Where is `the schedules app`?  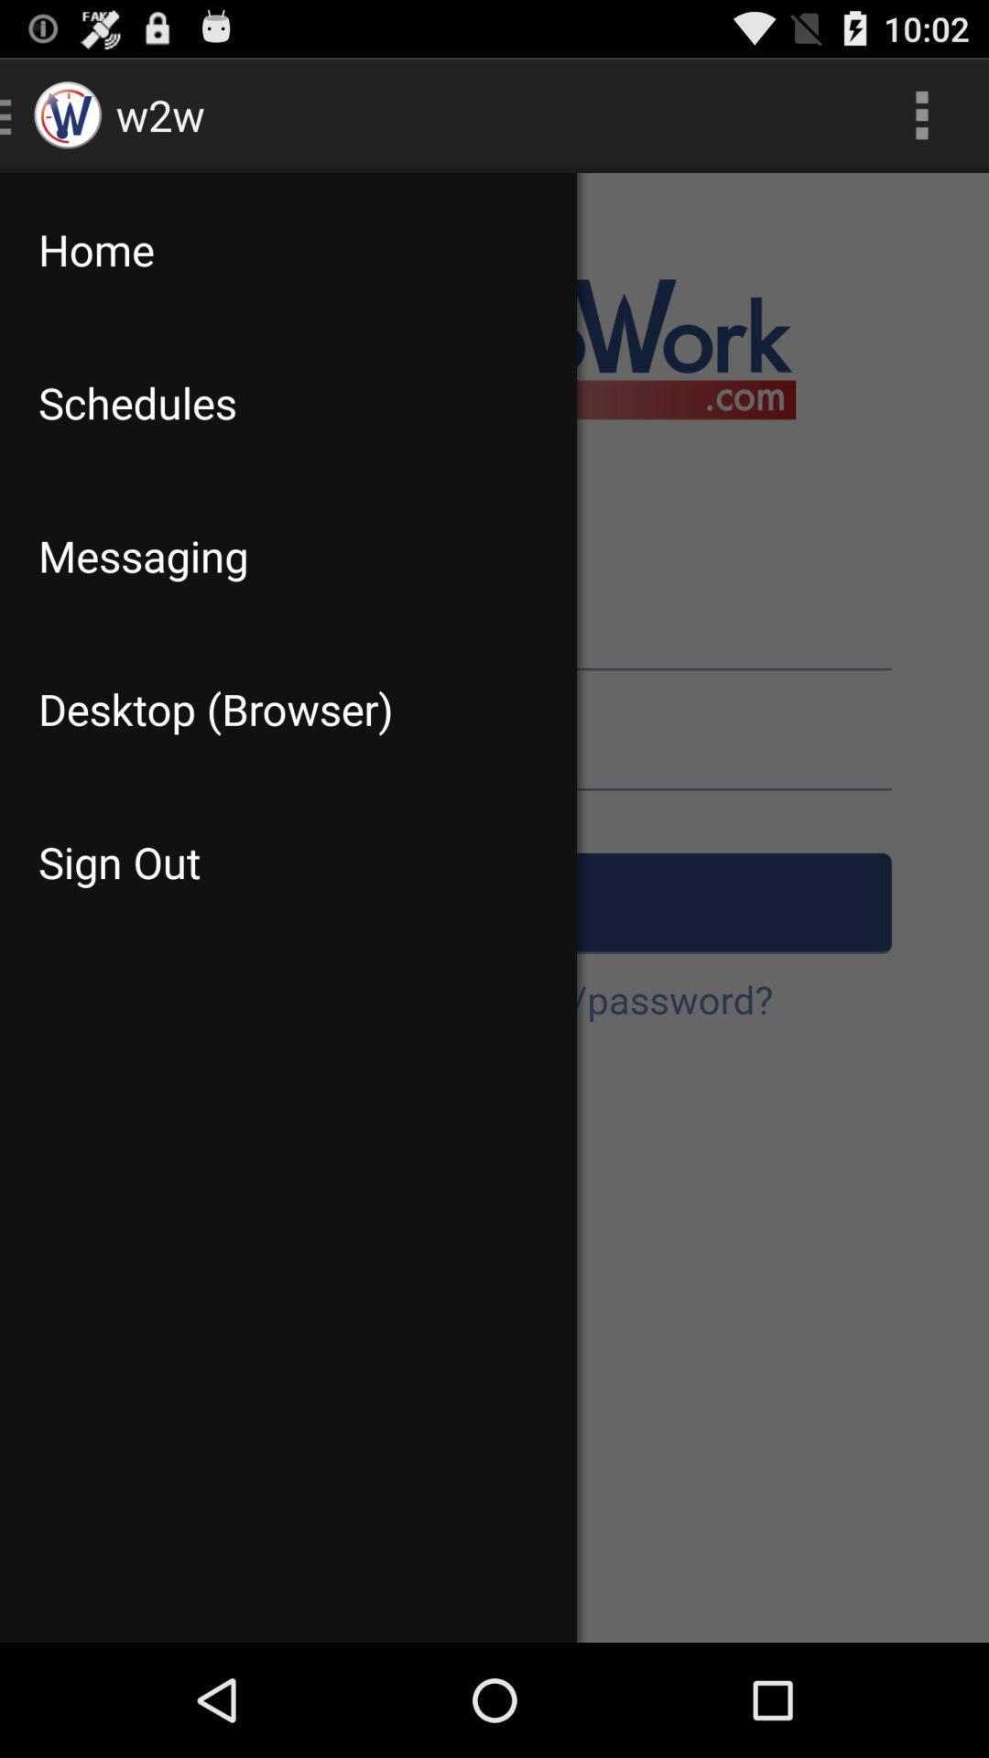
the schedules app is located at coordinates (288, 402).